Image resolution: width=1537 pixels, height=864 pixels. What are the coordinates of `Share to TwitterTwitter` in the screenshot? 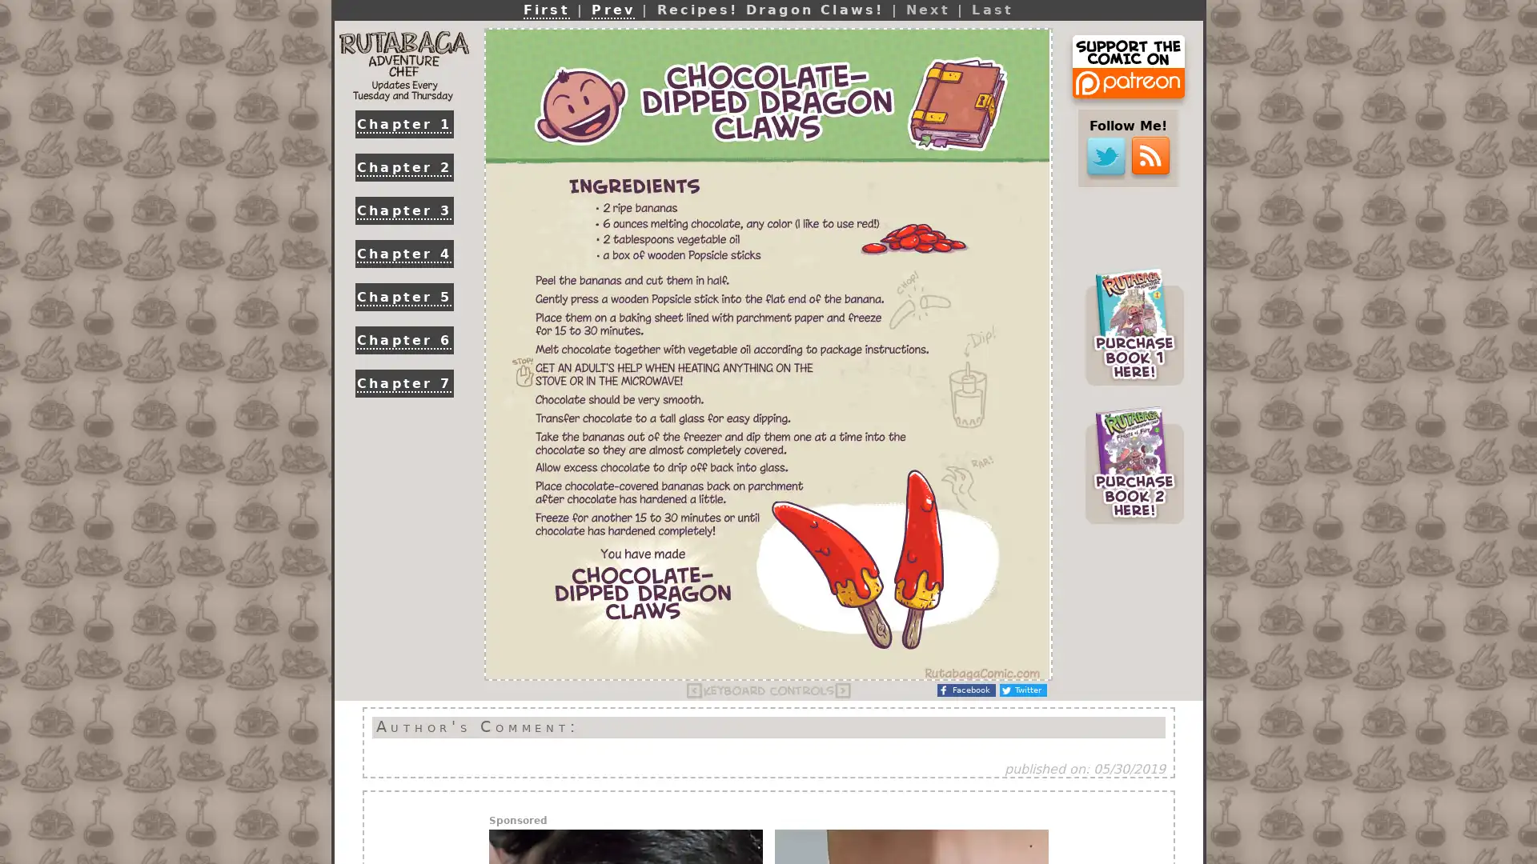 It's located at (1022, 690).